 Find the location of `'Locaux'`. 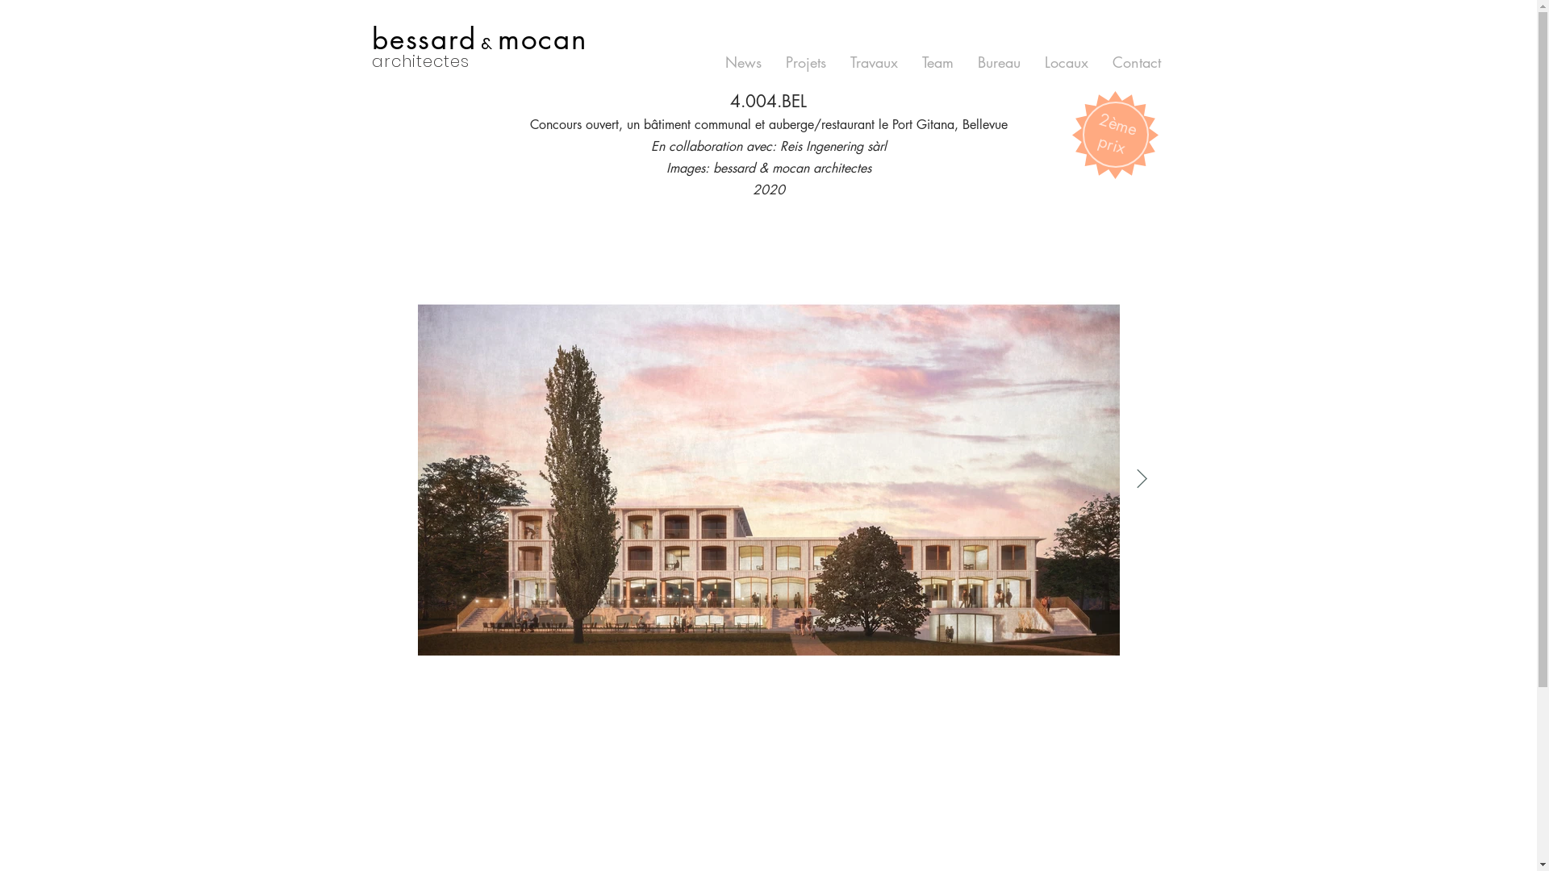

'Locaux' is located at coordinates (1066, 61).